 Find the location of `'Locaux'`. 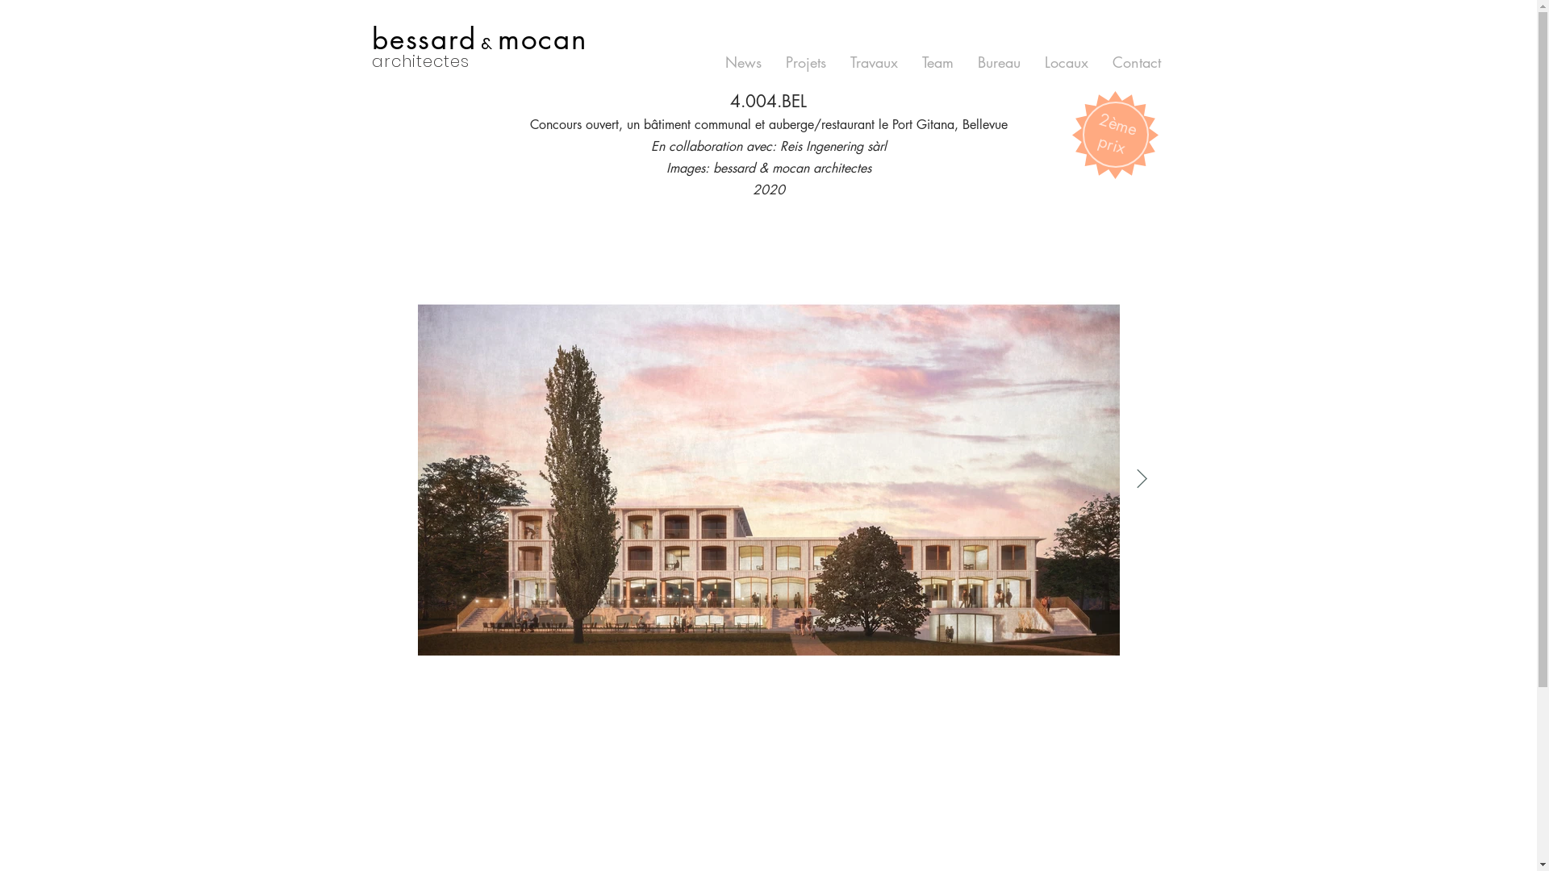

'Locaux' is located at coordinates (1066, 61).